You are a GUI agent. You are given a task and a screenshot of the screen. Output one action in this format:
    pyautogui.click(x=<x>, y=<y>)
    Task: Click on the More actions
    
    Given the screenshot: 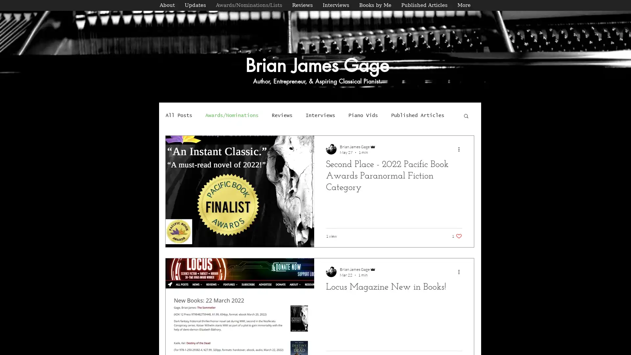 What is the action you would take?
    pyautogui.click(x=460, y=149)
    